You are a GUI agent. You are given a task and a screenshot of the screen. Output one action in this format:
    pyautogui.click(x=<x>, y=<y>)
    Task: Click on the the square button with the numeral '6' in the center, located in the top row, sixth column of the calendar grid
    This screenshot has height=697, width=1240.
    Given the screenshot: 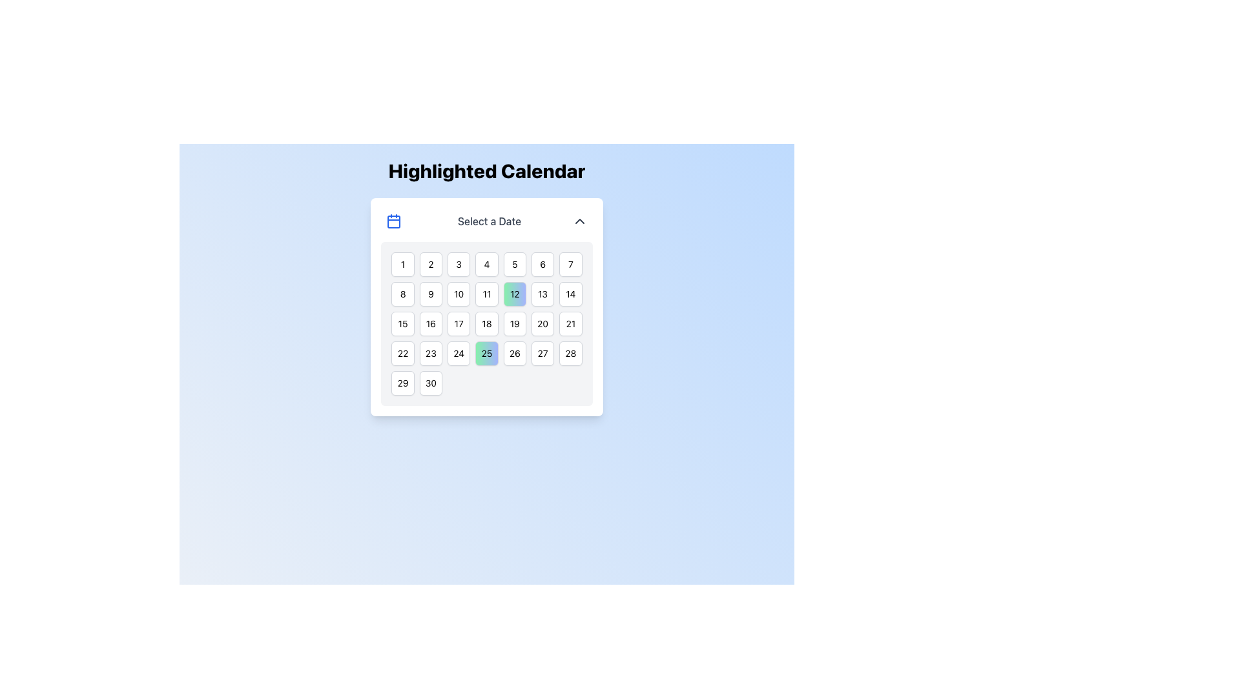 What is the action you would take?
    pyautogui.click(x=542, y=263)
    